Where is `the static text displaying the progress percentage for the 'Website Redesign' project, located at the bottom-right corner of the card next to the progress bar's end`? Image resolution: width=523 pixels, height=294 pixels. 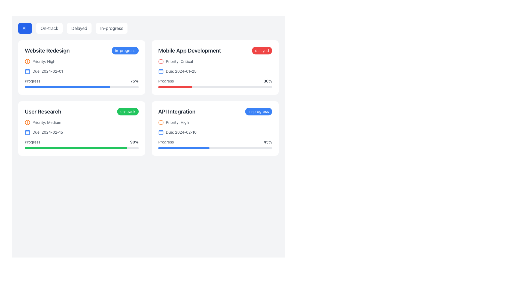
the static text displaying the progress percentage for the 'Website Redesign' project, located at the bottom-right corner of the card next to the progress bar's end is located at coordinates (135, 81).